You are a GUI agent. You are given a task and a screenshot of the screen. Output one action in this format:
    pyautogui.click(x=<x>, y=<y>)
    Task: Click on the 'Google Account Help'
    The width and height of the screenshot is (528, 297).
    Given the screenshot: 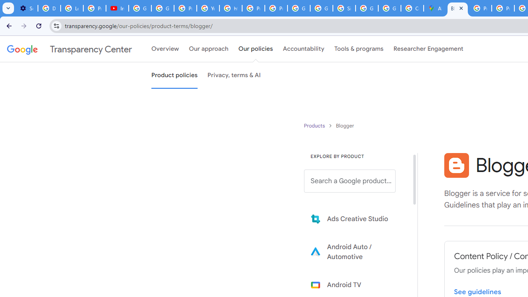 What is the action you would take?
    pyautogui.click(x=140, y=8)
    